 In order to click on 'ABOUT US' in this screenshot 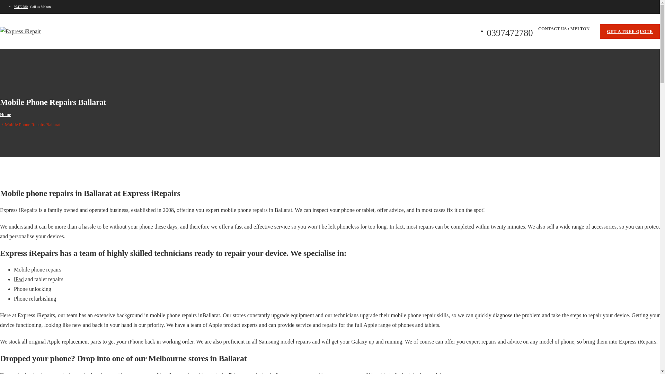, I will do `click(39, 59)`.